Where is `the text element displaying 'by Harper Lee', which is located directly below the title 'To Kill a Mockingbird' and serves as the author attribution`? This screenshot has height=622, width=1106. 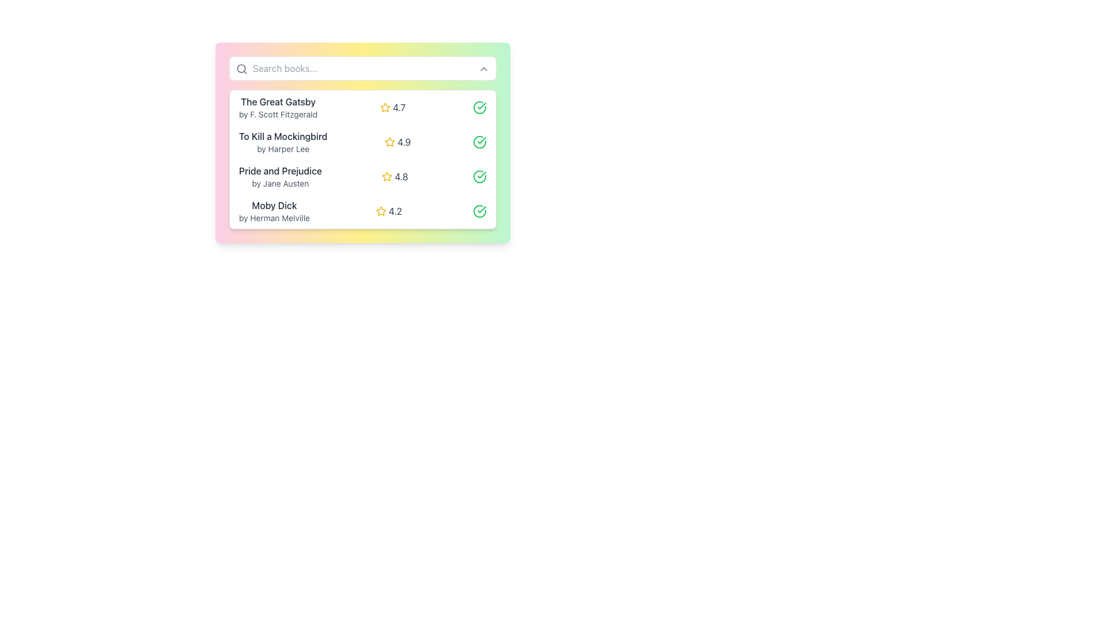
the text element displaying 'by Harper Lee', which is located directly below the title 'To Kill a Mockingbird' and serves as the author attribution is located at coordinates (283, 148).